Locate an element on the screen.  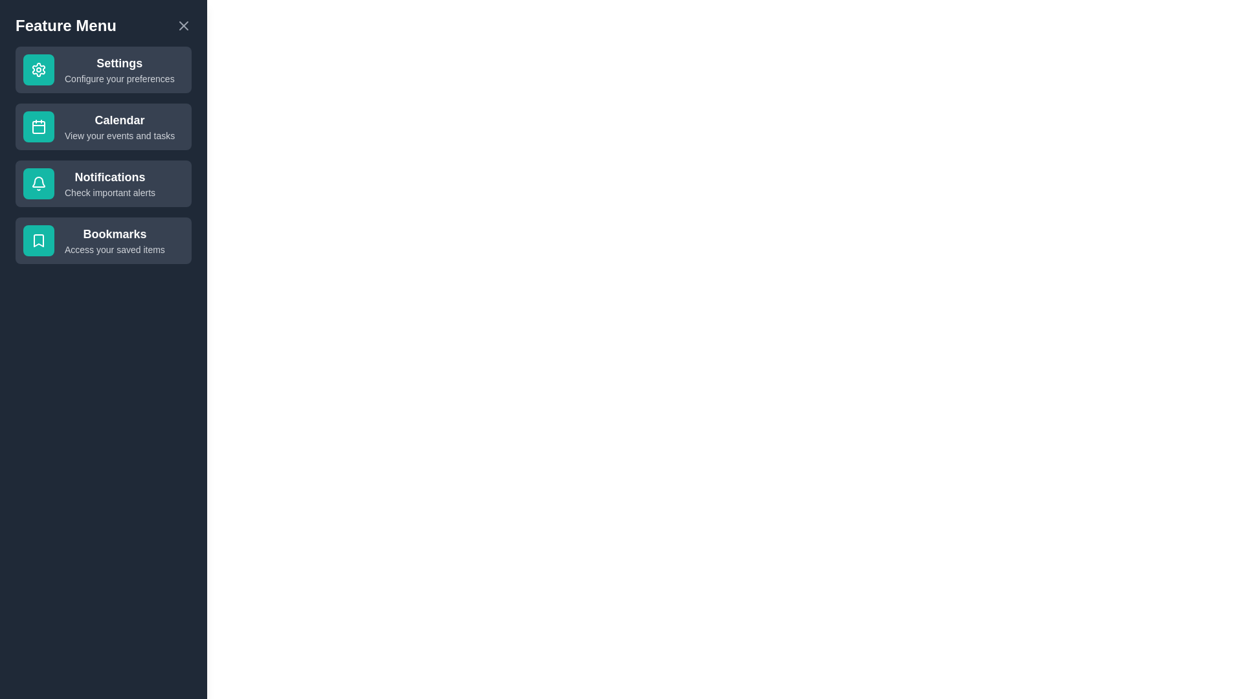
the feature Bookmarks to view its hover effect is located at coordinates (102, 240).